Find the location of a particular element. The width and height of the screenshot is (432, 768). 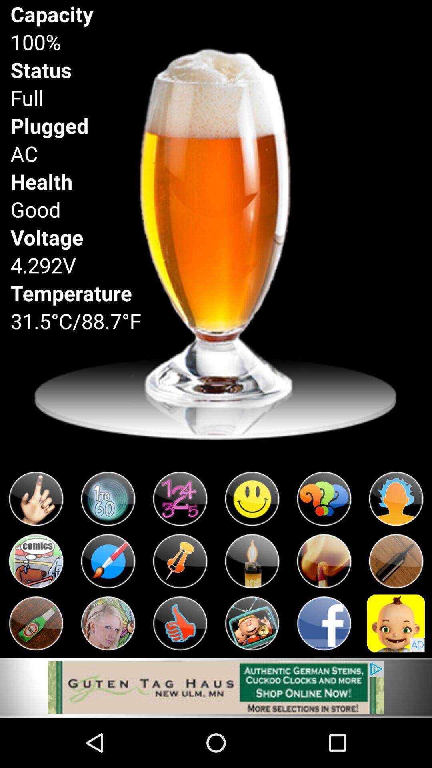

the thumbs_up icon is located at coordinates (180, 667).